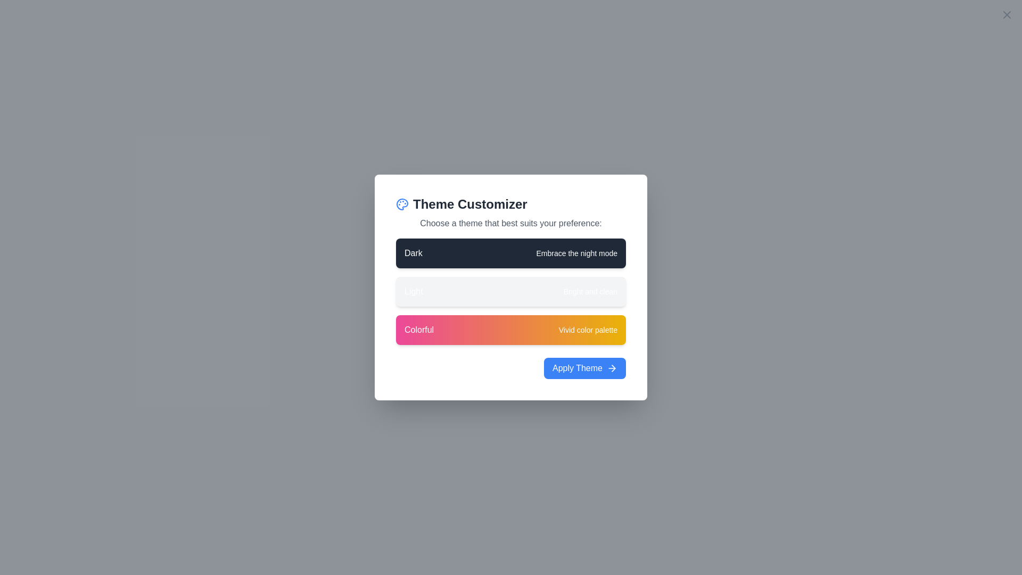 This screenshot has height=575, width=1022. Describe the element at coordinates (612, 367) in the screenshot. I see `the icon located at the far right side of the 'Apply Theme' button, which signifies the action of applying the selected theme` at that location.